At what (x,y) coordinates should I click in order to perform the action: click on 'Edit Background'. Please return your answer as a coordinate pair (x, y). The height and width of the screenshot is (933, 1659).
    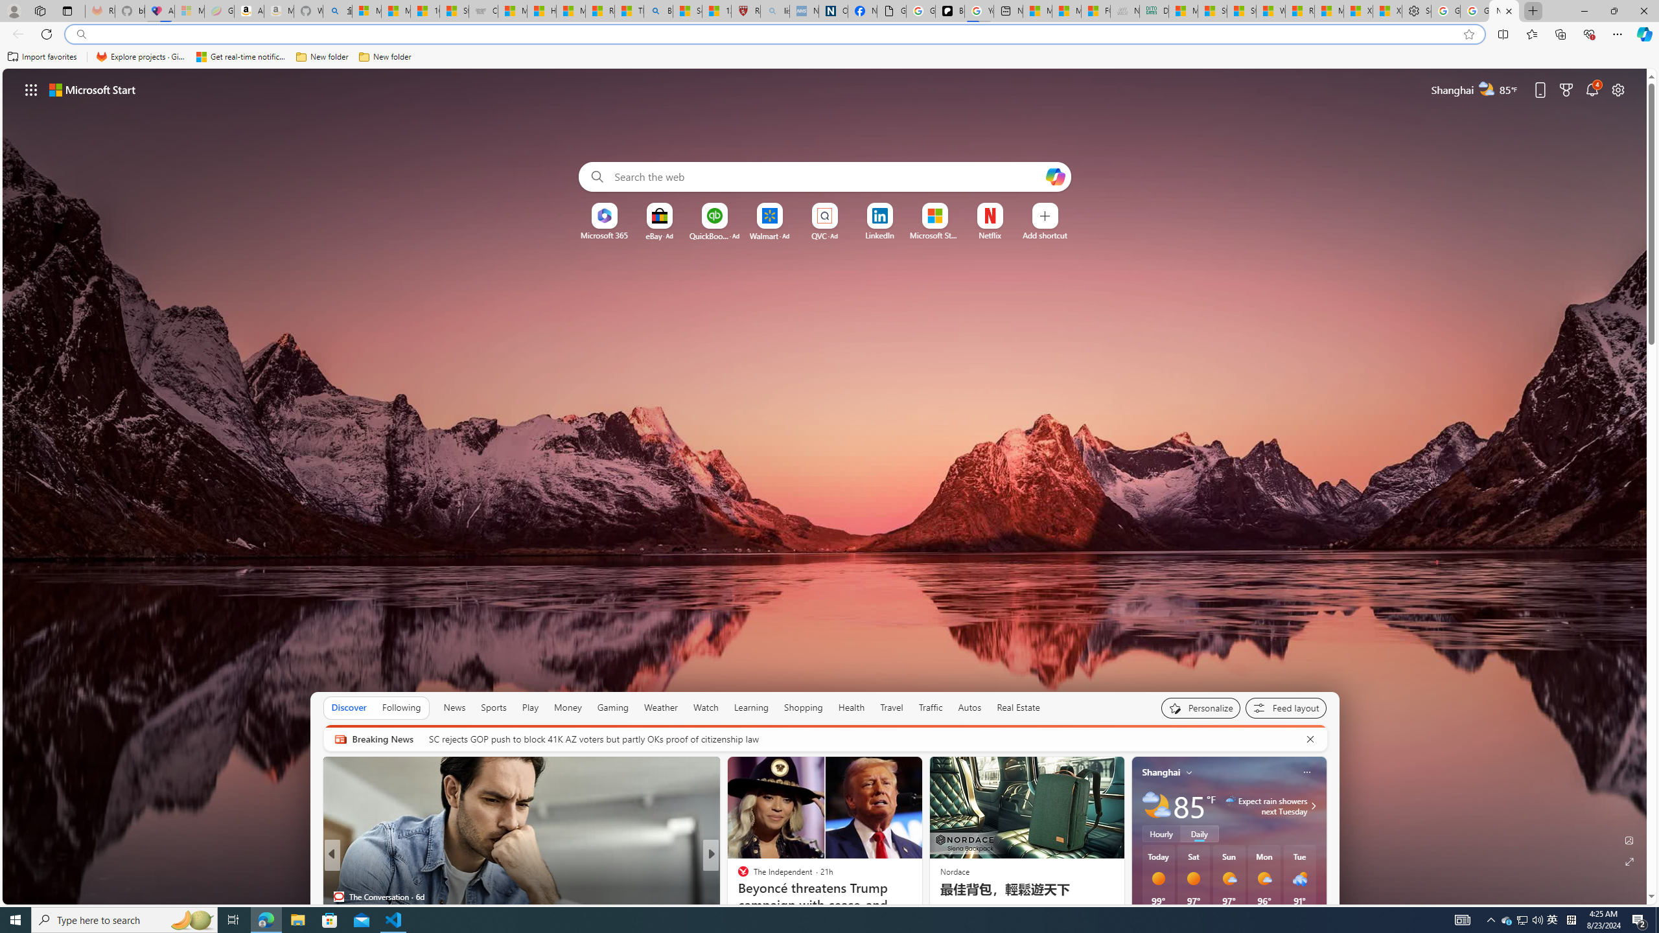
    Looking at the image, I should click on (1630, 839).